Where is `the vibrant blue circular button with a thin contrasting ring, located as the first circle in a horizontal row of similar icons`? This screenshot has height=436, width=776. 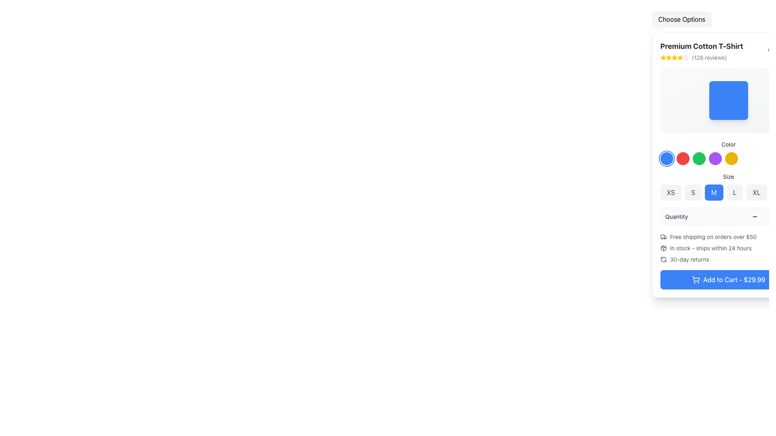 the vibrant blue circular button with a thin contrasting ring, located as the first circle in a horizontal row of similar icons is located at coordinates (666, 159).